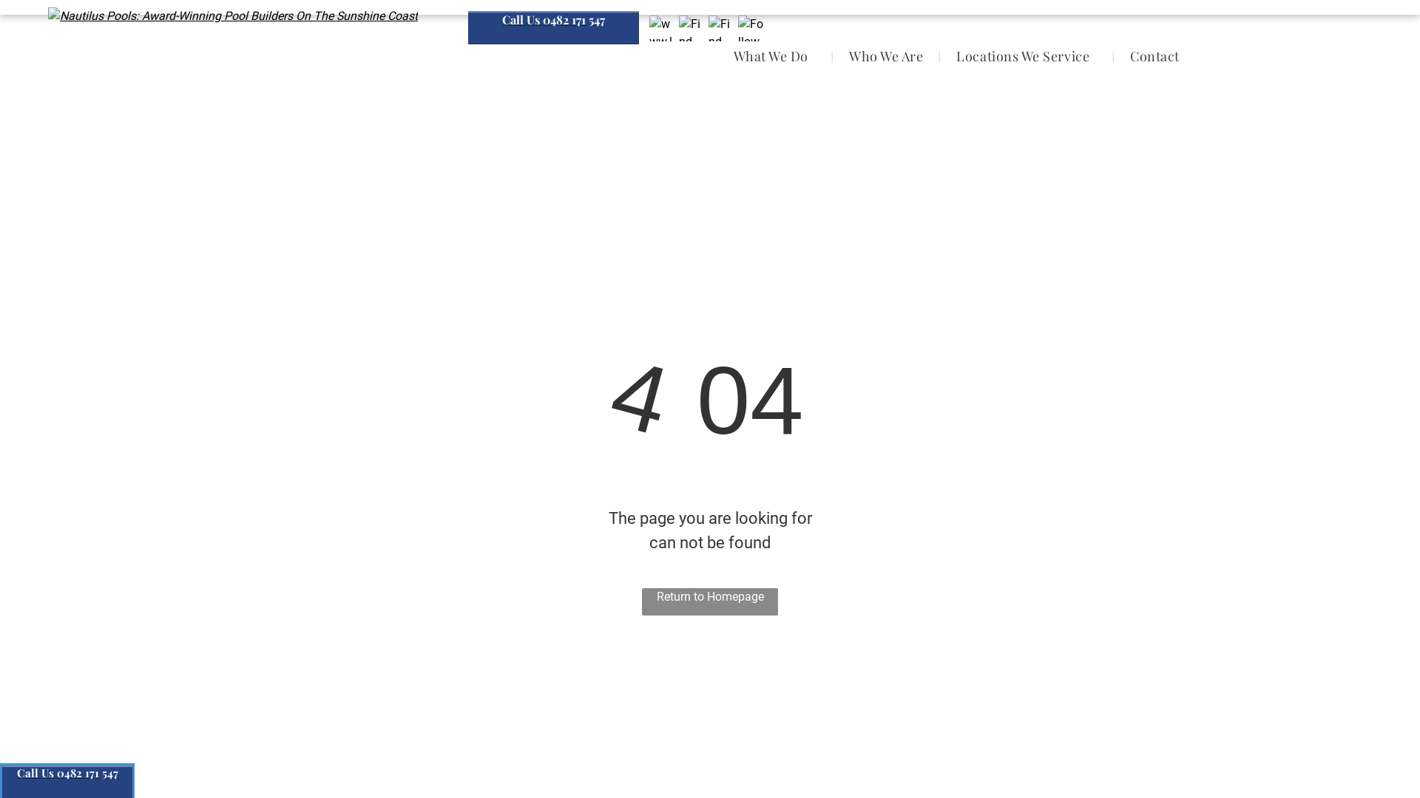 This screenshot has height=798, width=1420. What do you see at coordinates (710, 601) in the screenshot?
I see `'Return to Homepage'` at bounding box center [710, 601].